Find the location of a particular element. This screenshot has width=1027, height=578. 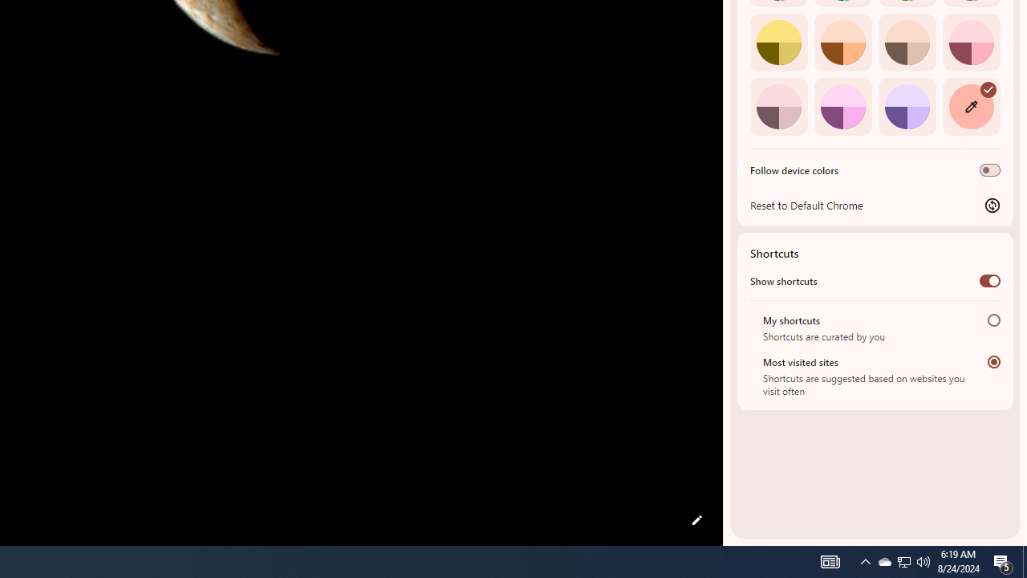

'Customize this page' is located at coordinates (696, 520).